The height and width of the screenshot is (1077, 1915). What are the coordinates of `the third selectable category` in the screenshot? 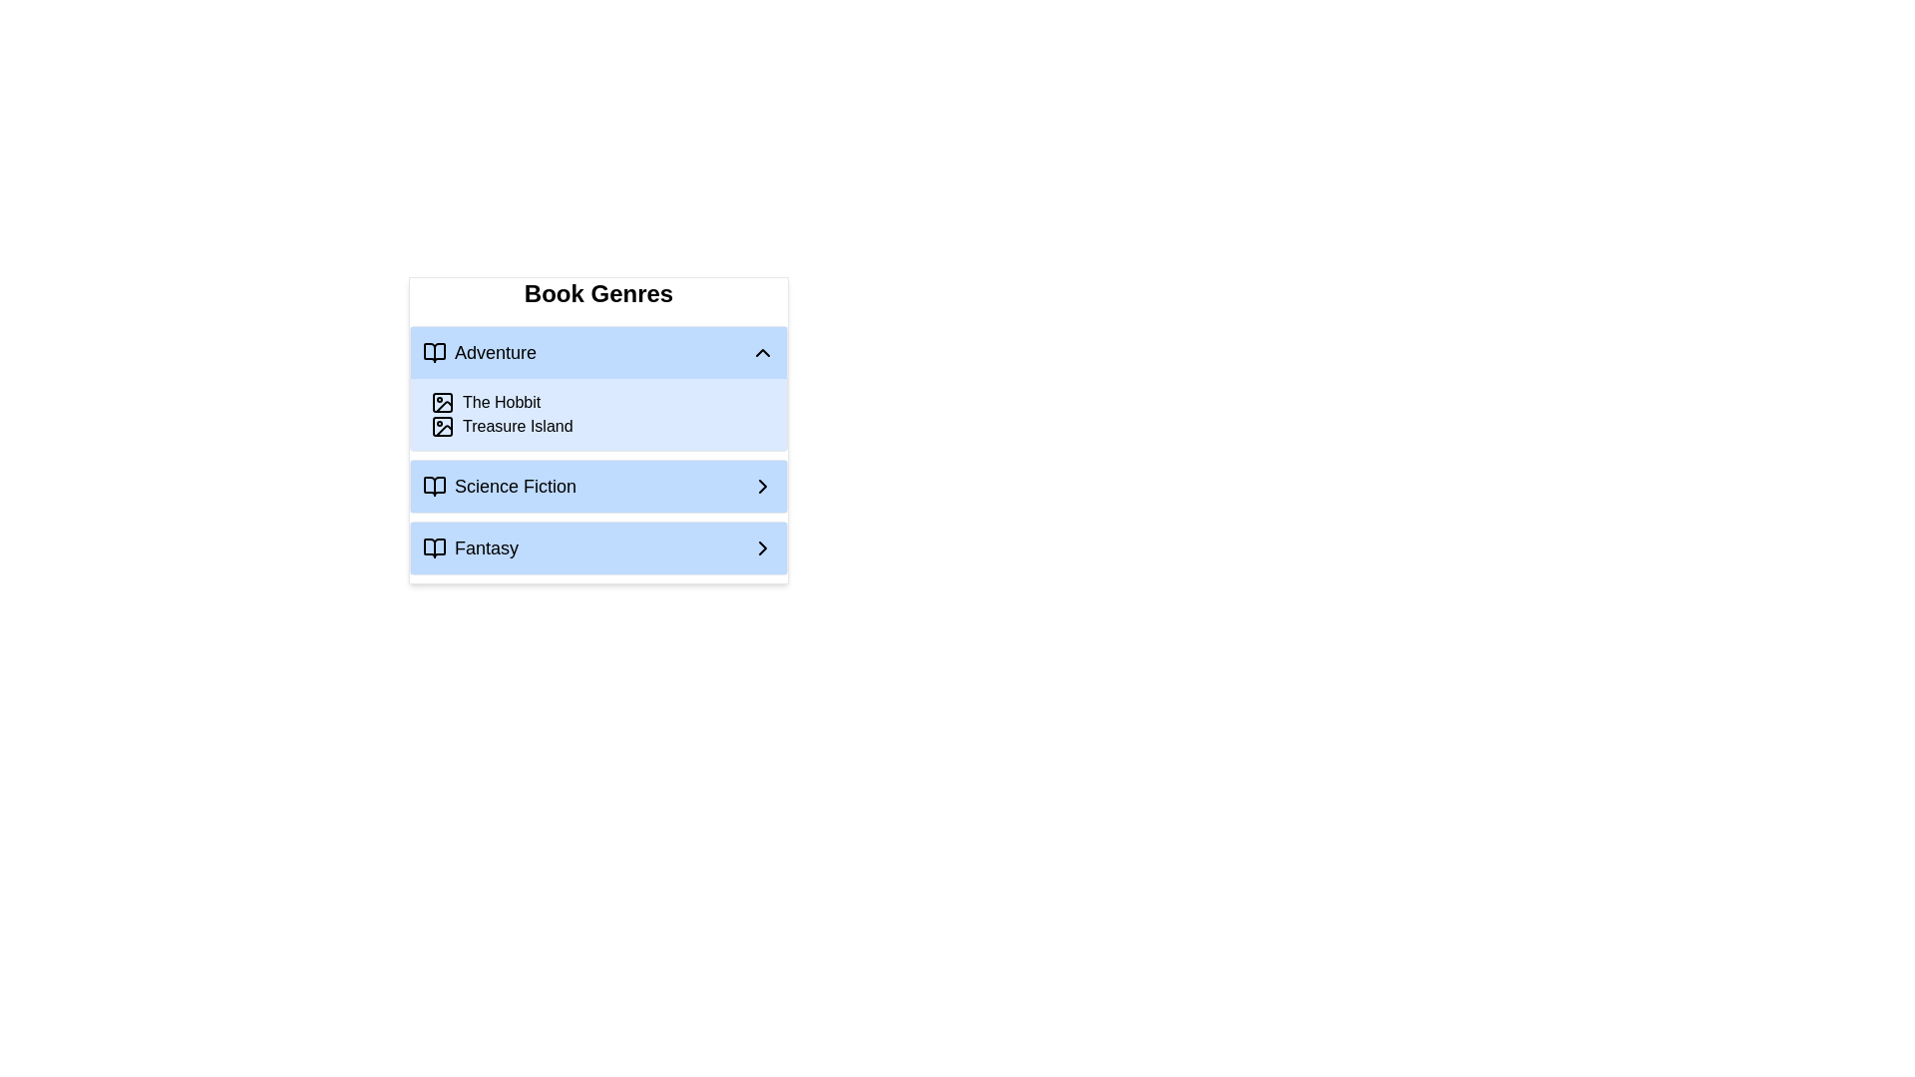 It's located at (597, 465).